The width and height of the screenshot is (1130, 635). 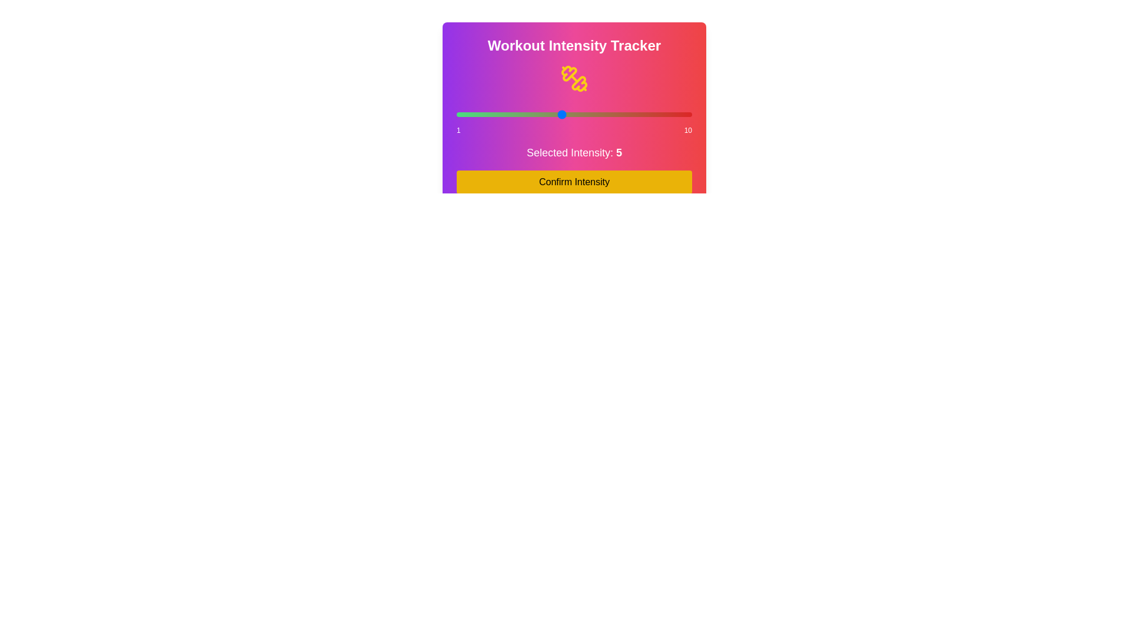 I want to click on 'Confirm Intensity' button to confirm the selected intensity, so click(x=574, y=182).